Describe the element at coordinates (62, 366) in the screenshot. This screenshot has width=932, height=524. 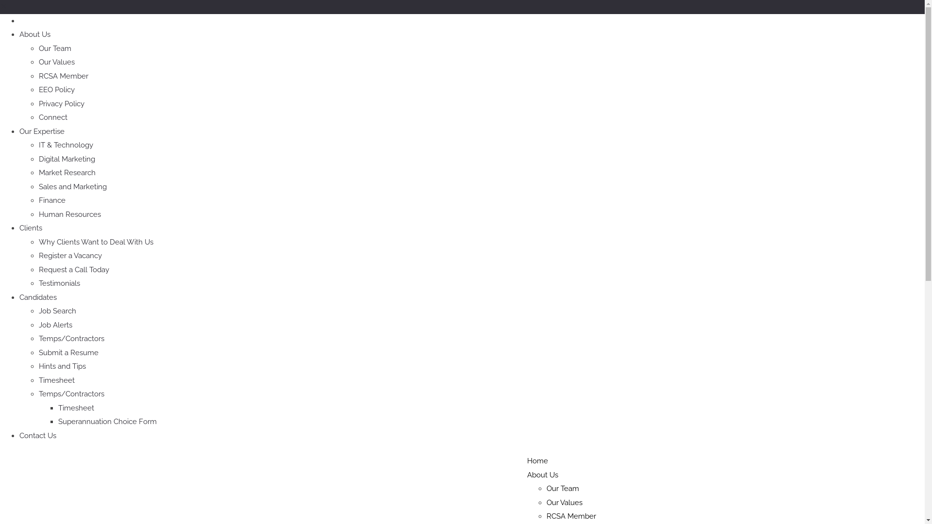
I see `'Hints and Tips'` at that location.